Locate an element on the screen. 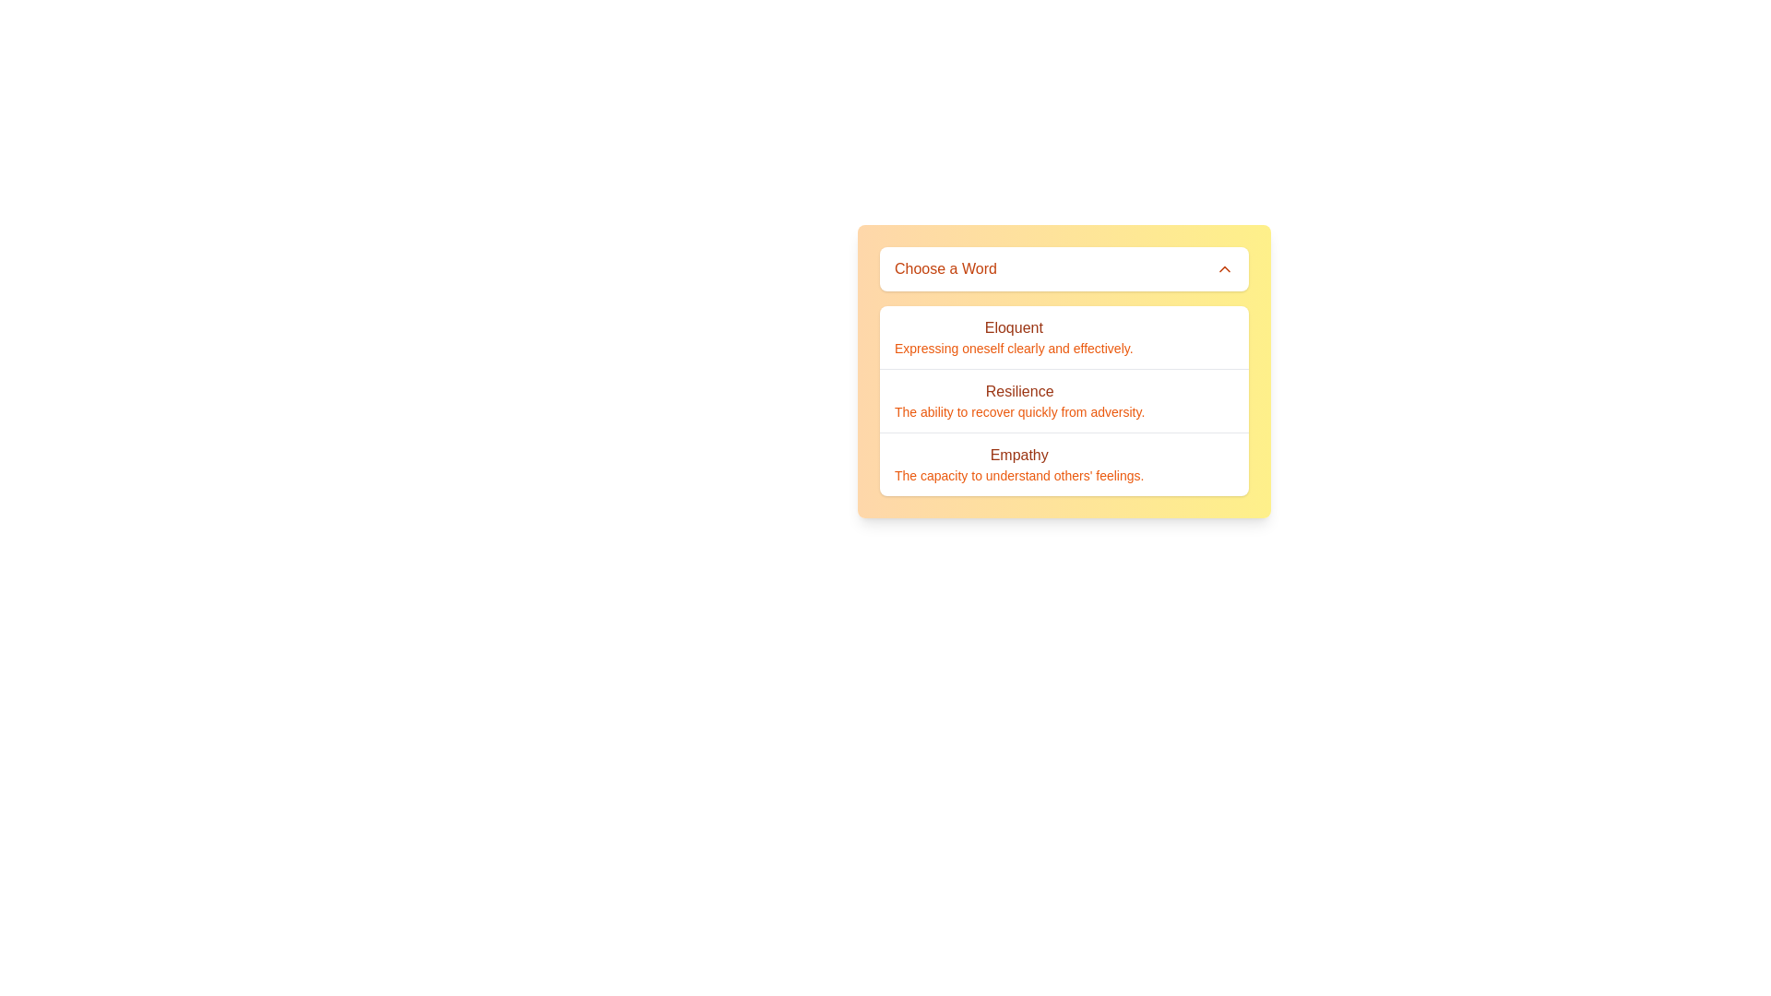  the text snippet styled in a smaller font size with a light orange hue, displaying the phrase 'The capacity to understand others' feelings,' located under the bold term 'Empathy' in the dropdown menu is located at coordinates (1018, 475).